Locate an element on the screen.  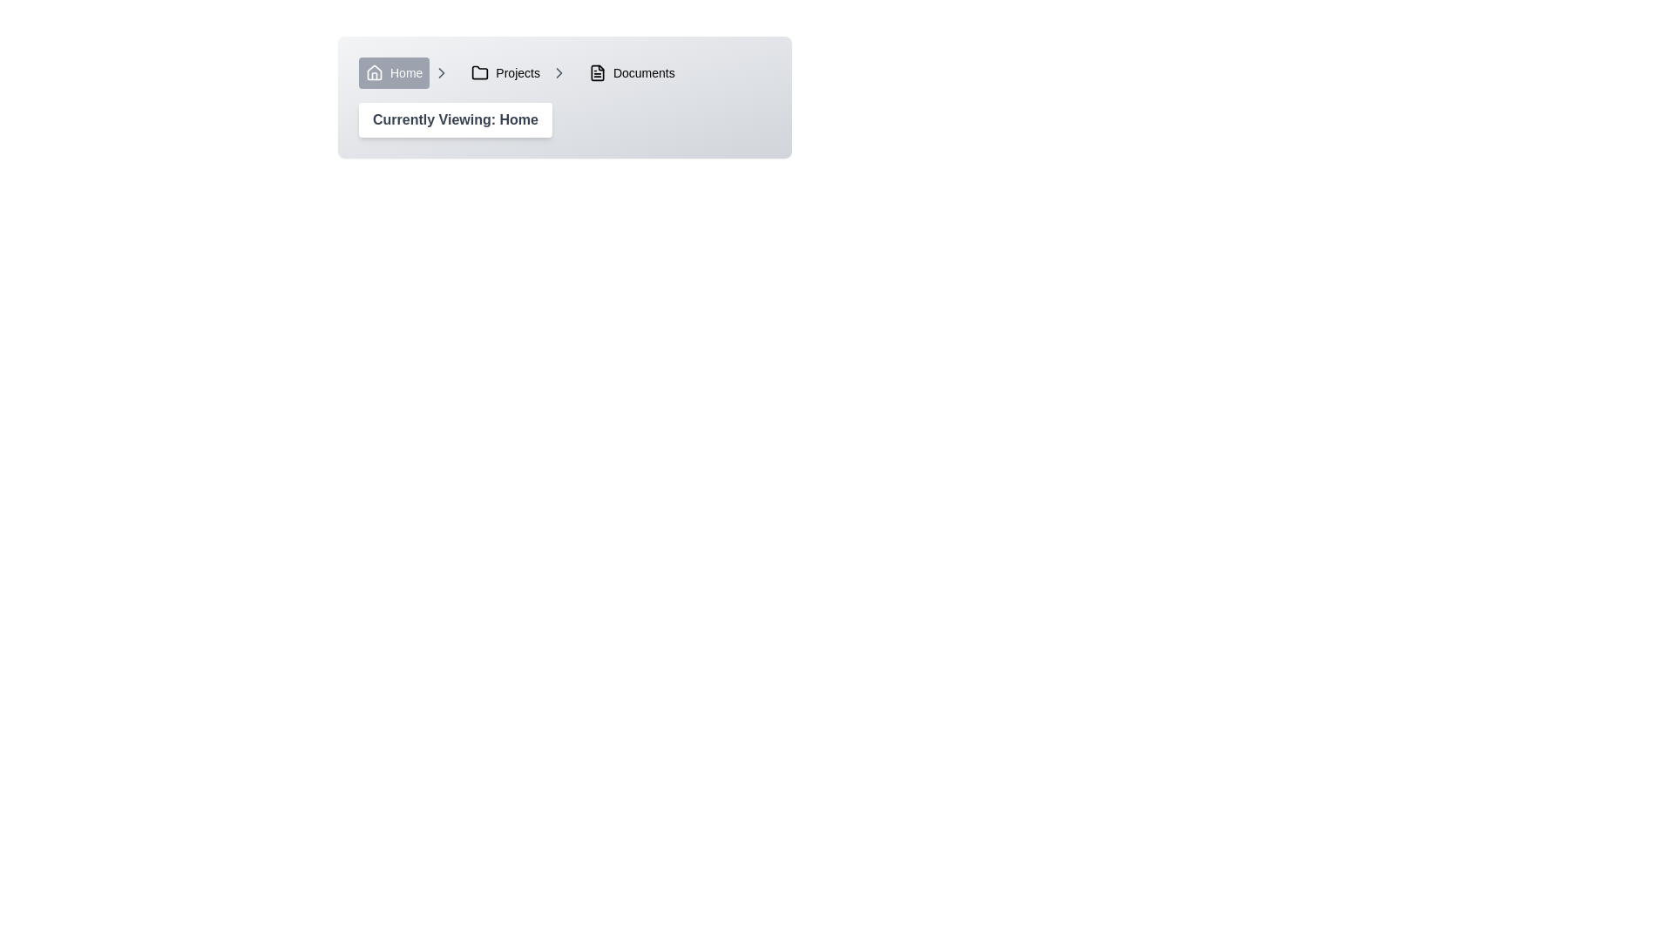
the 'Home' icon in the breadcrumb navigation bar, which is a vector graphic of a house with a triangular roof and square base is located at coordinates (374, 71).